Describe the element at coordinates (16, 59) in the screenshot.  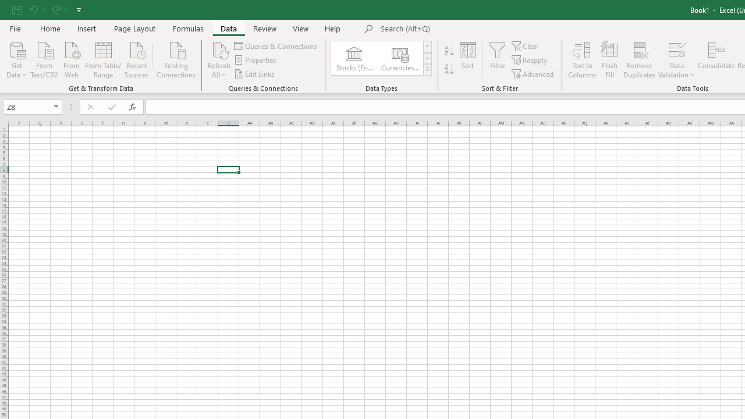
I see `'Get Data'` at that location.